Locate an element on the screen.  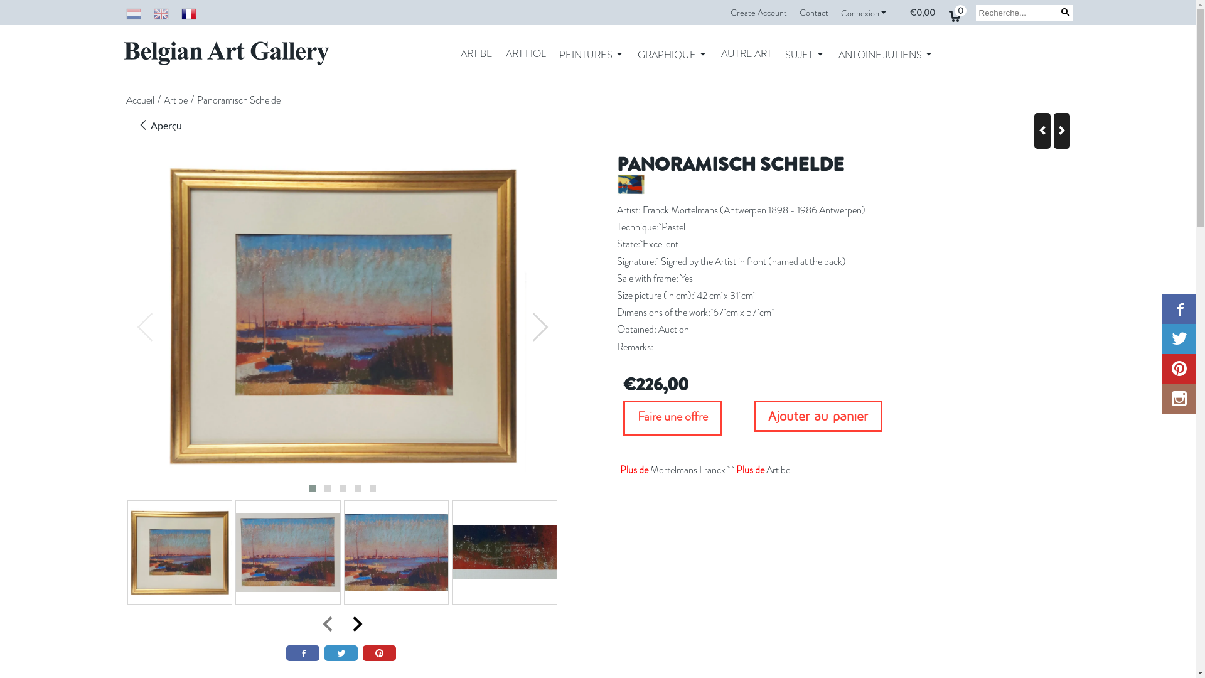
'ANTOINE JULIENS' is located at coordinates (885, 54).